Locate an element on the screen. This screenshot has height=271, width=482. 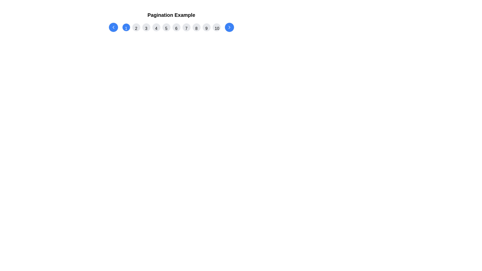
the ninth pagination button is located at coordinates (206, 27).